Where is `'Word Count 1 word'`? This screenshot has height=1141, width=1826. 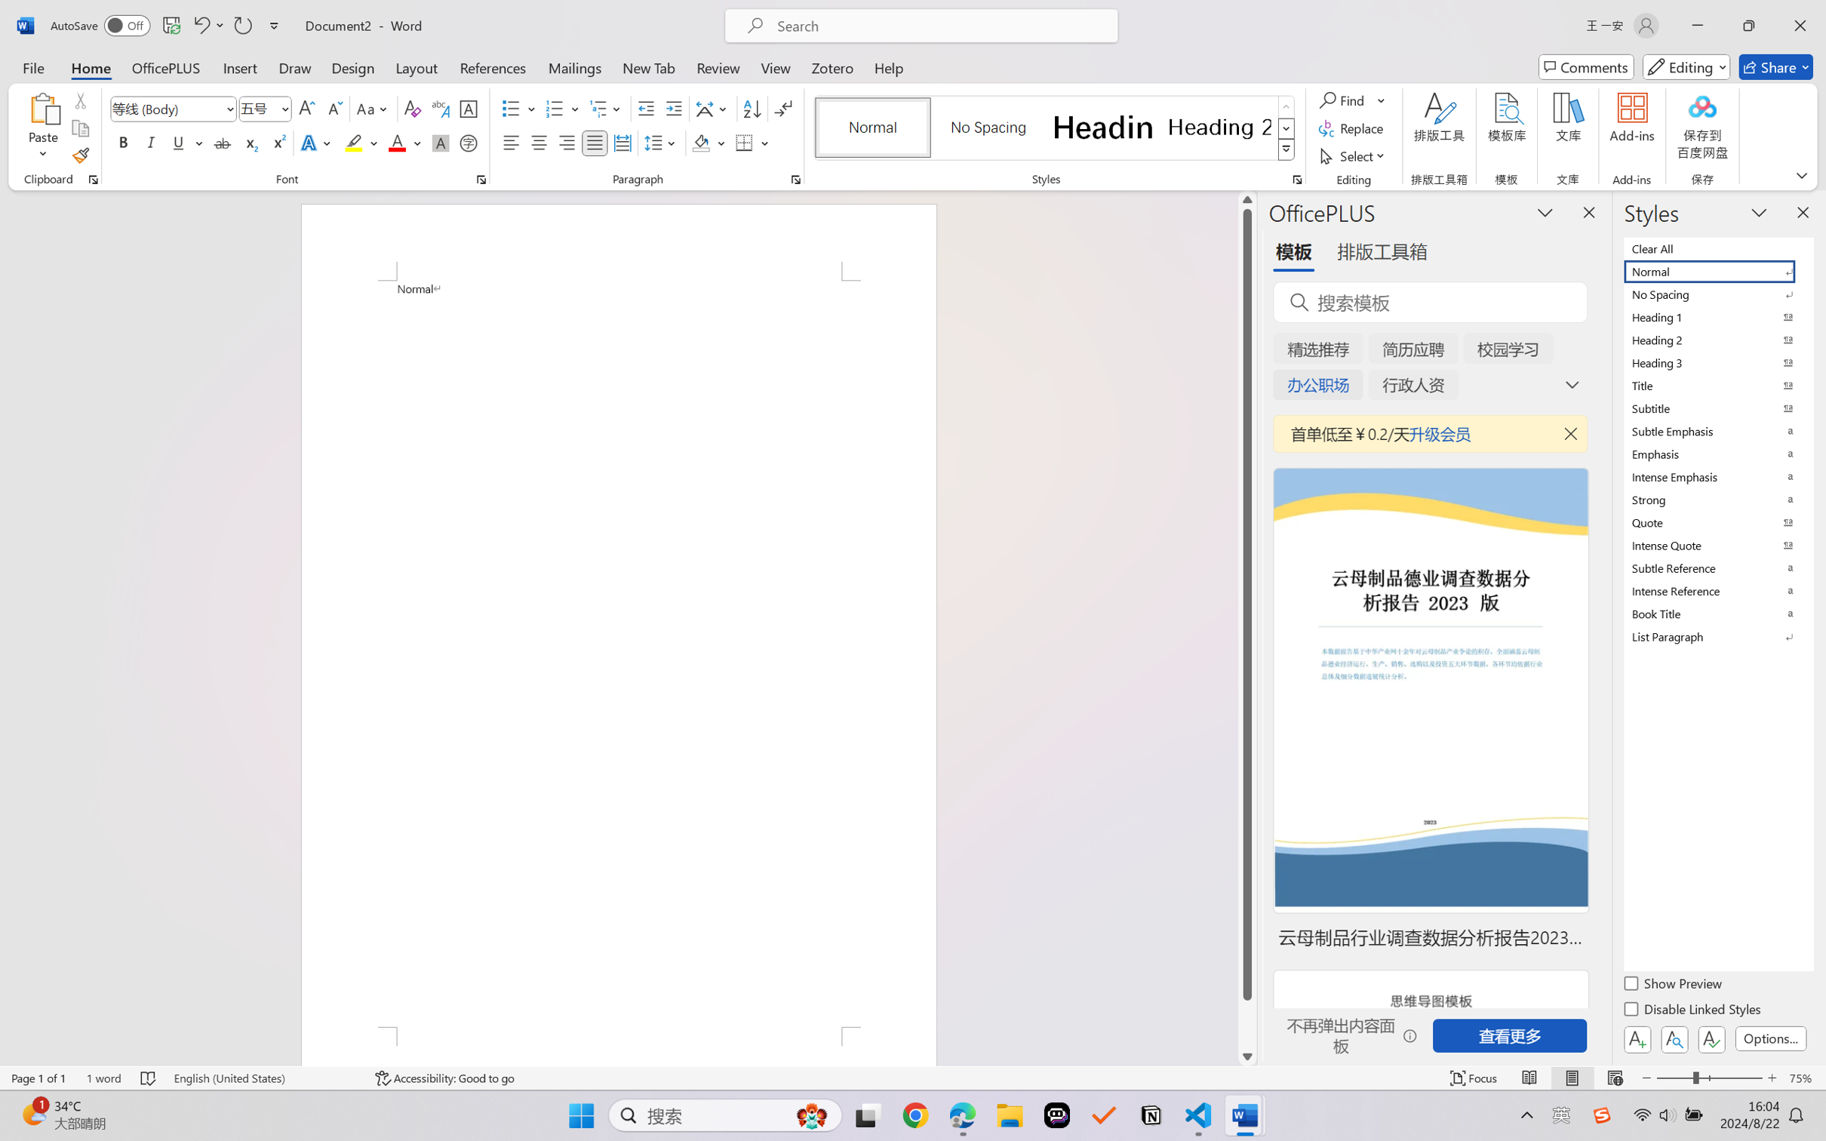
'Word Count 1 word' is located at coordinates (103, 1078).